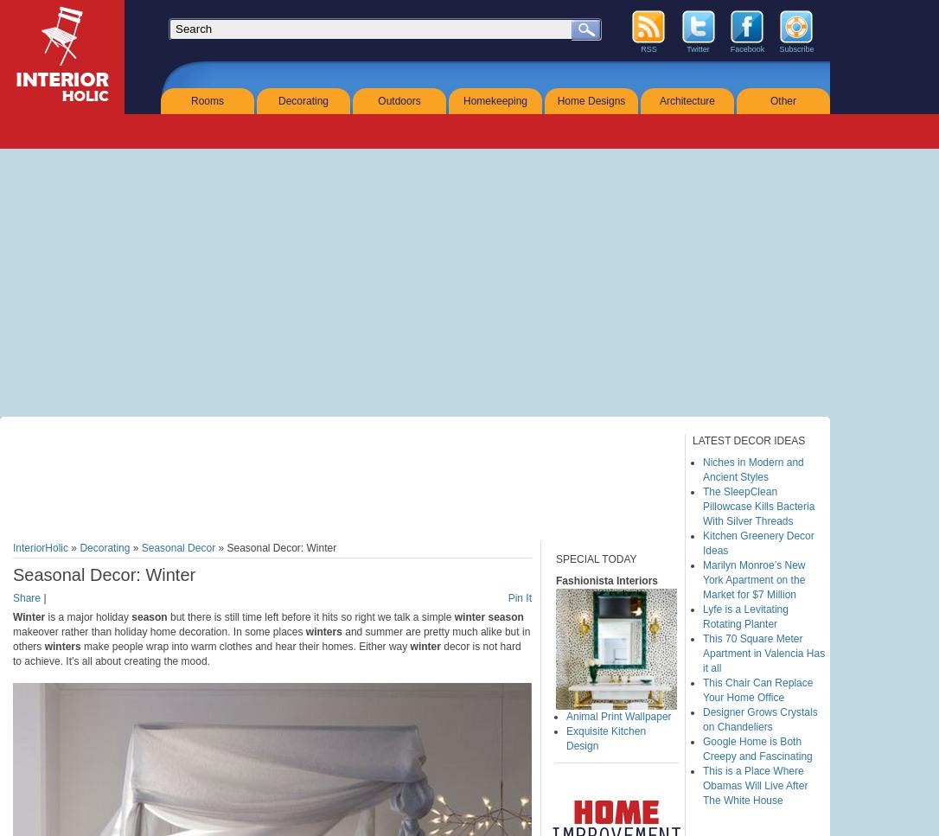 The width and height of the screenshot is (939, 836). I want to click on 'Google Home is Both Creepy and Fascinating', so click(756, 748).